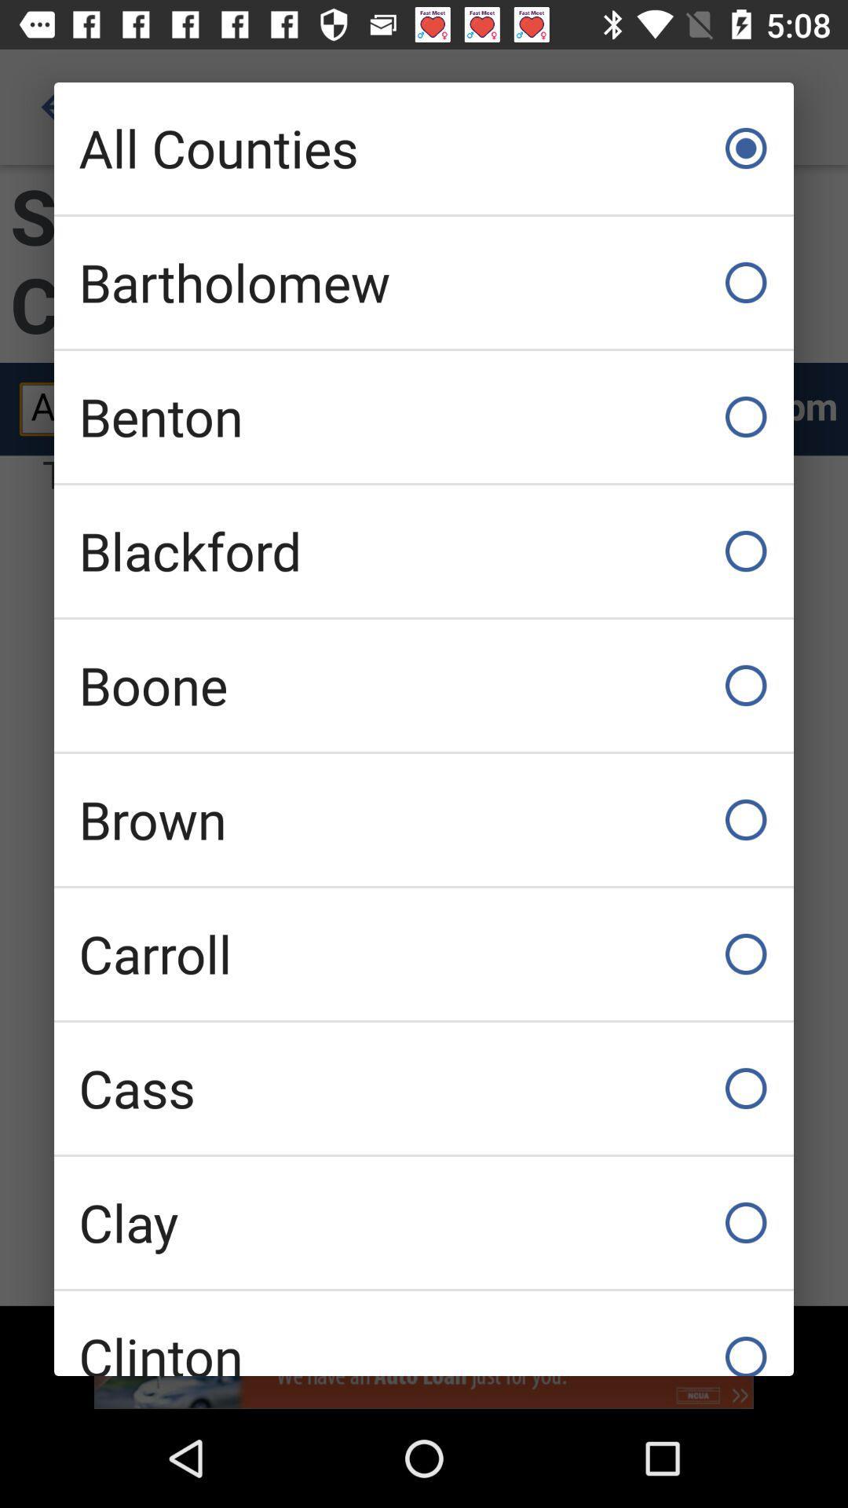  What do you see at coordinates (424, 1088) in the screenshot?
I see `the icon below the carroll item` at bounding box center [424, 1088].